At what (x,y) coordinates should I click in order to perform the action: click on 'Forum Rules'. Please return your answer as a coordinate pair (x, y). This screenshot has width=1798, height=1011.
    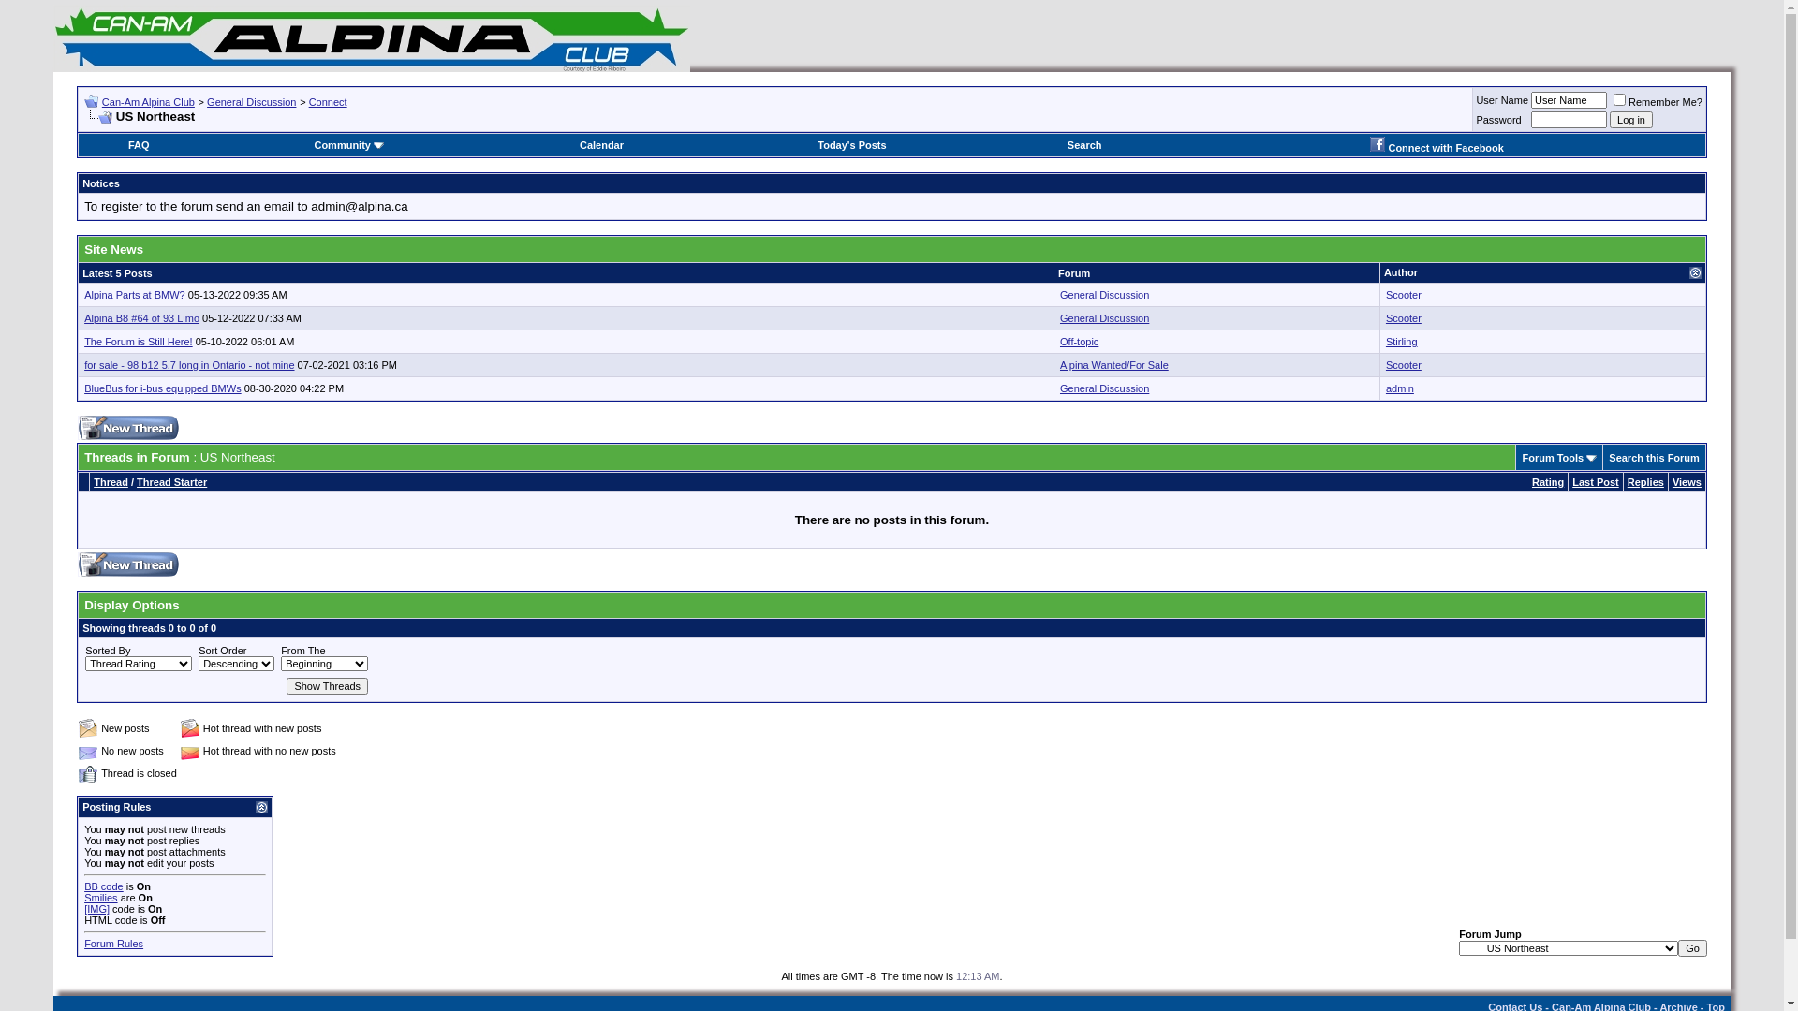
    Looking at the image, I should click on (112, 943).